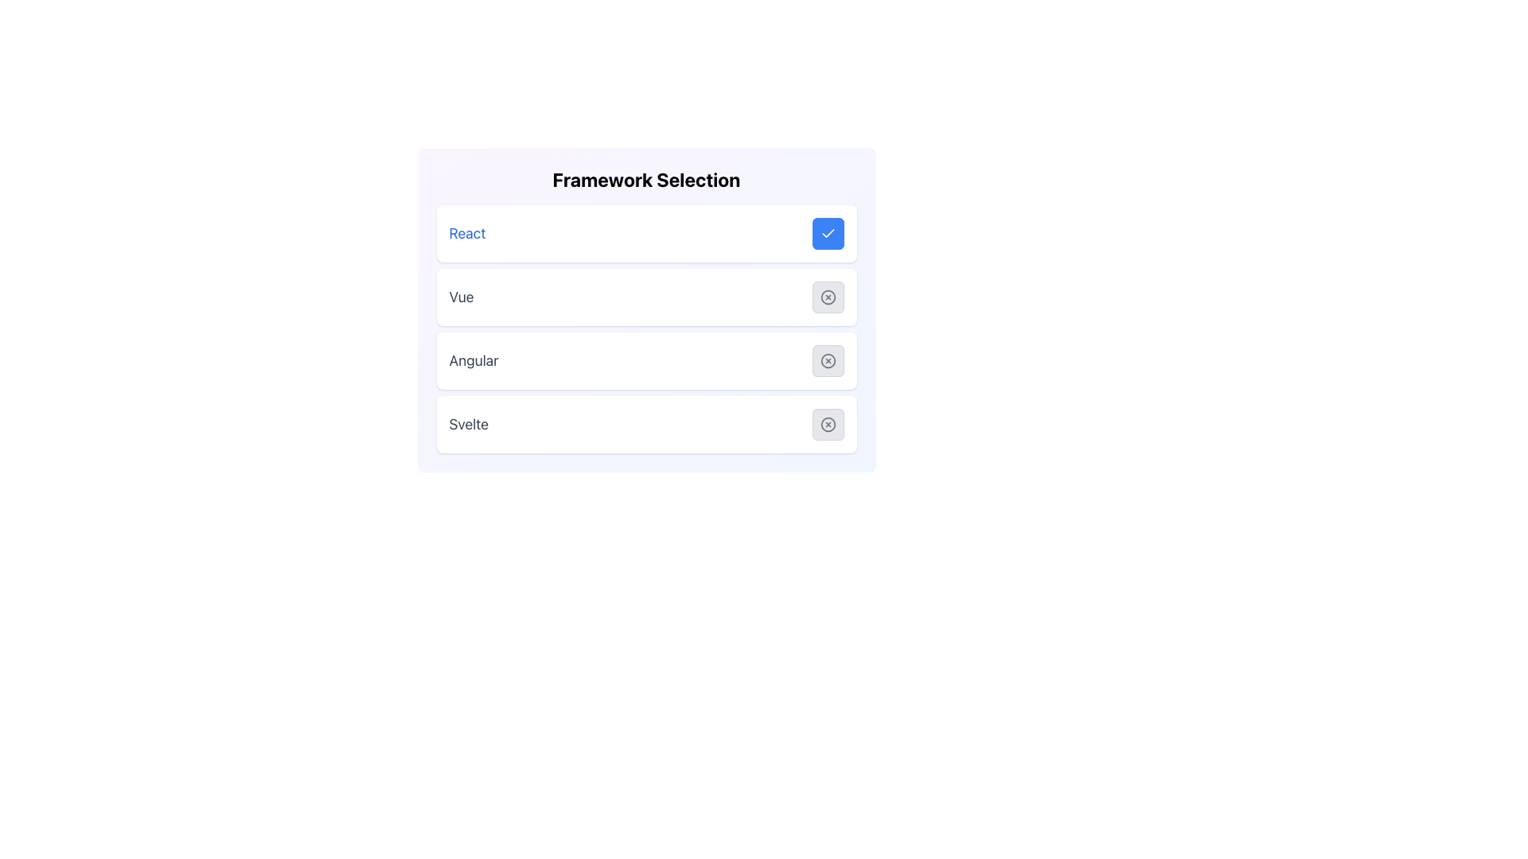 This screenshot has height=859, width=1528. I want to click on the heading text that introduces the selection interface, indicating the nature of the options below, which include 'React', 'Vue', 'Angular', and 'Svelte', so click(646, 179).